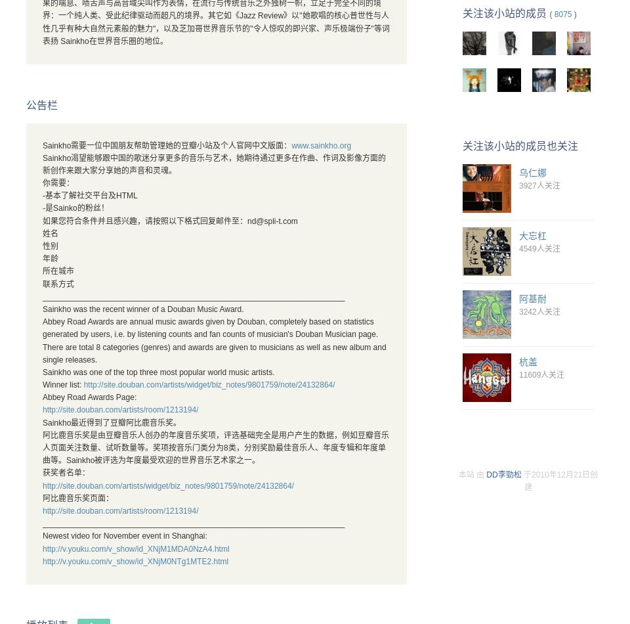  I want to click on '11609人关注', so click(541, 375).